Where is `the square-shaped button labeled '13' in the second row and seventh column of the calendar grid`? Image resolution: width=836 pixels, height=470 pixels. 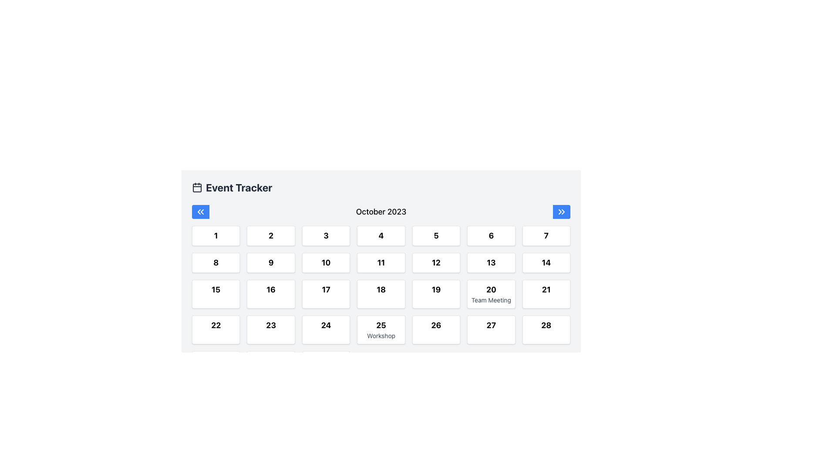 the square-shaped button labeled '13' in the second row and seventh column of the calendar grid is located at coordinates (491, 262).